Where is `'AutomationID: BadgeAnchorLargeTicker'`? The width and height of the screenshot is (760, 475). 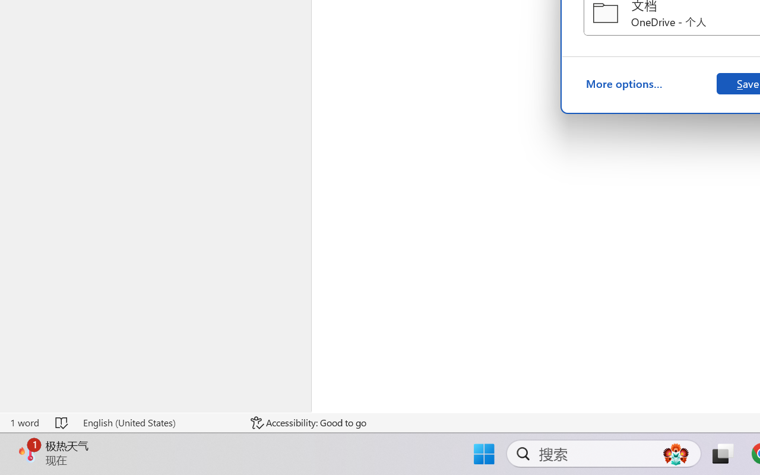
'AutomationID: BadgeAnchorLargeTicker' is located at coordinates (27, 452).